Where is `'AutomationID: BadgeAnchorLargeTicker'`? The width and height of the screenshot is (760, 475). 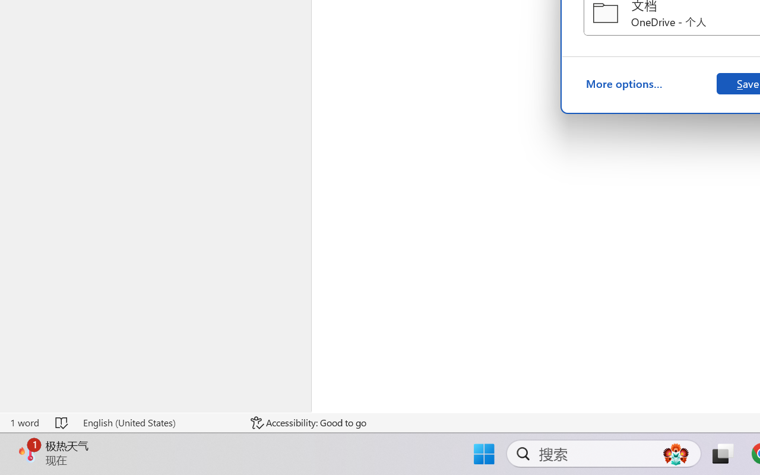
'AutomationID: BadgeAnchorLargeTicker' is located at coordinates (27, 452).